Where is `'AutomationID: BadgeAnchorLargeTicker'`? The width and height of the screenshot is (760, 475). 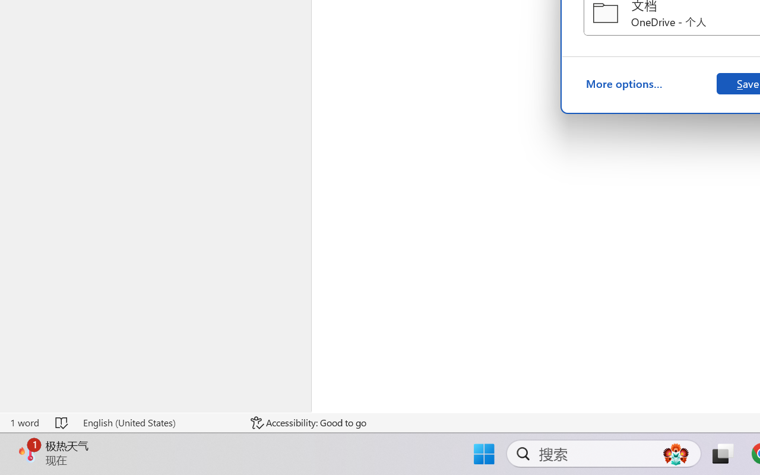
'AutomationID: BadgeAnchorLargeTicker' is located at coordinates (27, 452).